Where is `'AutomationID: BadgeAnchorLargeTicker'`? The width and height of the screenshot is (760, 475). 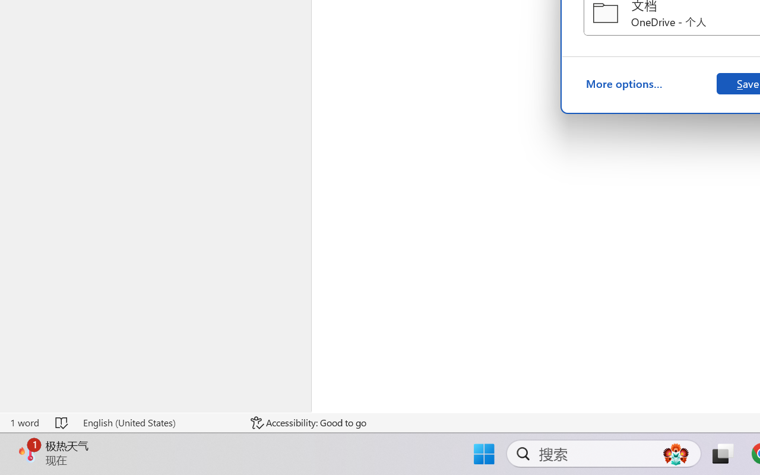
'AutomationID: BadgeAnchorLargeTicker' is located at coordinates (27, 452).